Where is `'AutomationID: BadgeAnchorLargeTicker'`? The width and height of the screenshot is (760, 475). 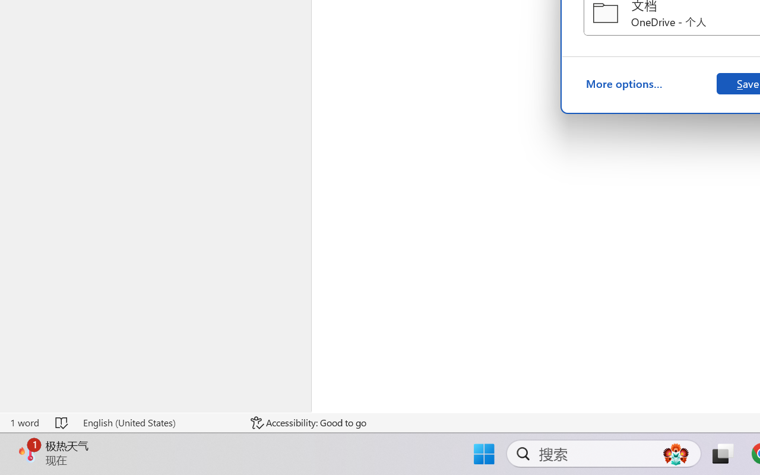
'AutomationID: BadgeAnchorLargeTicker' is located at coordinates (27, 452).